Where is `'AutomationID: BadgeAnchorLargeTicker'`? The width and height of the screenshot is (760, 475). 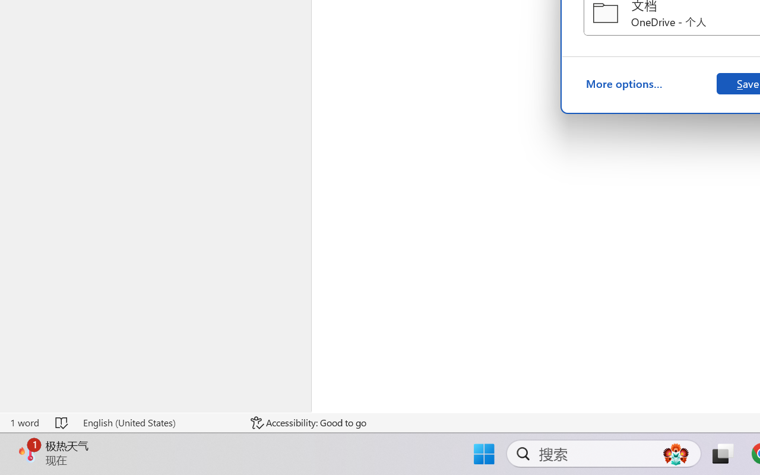
'AutomationID: BadgeAnchorLargeTicker' is located at coordinates (27, 452).